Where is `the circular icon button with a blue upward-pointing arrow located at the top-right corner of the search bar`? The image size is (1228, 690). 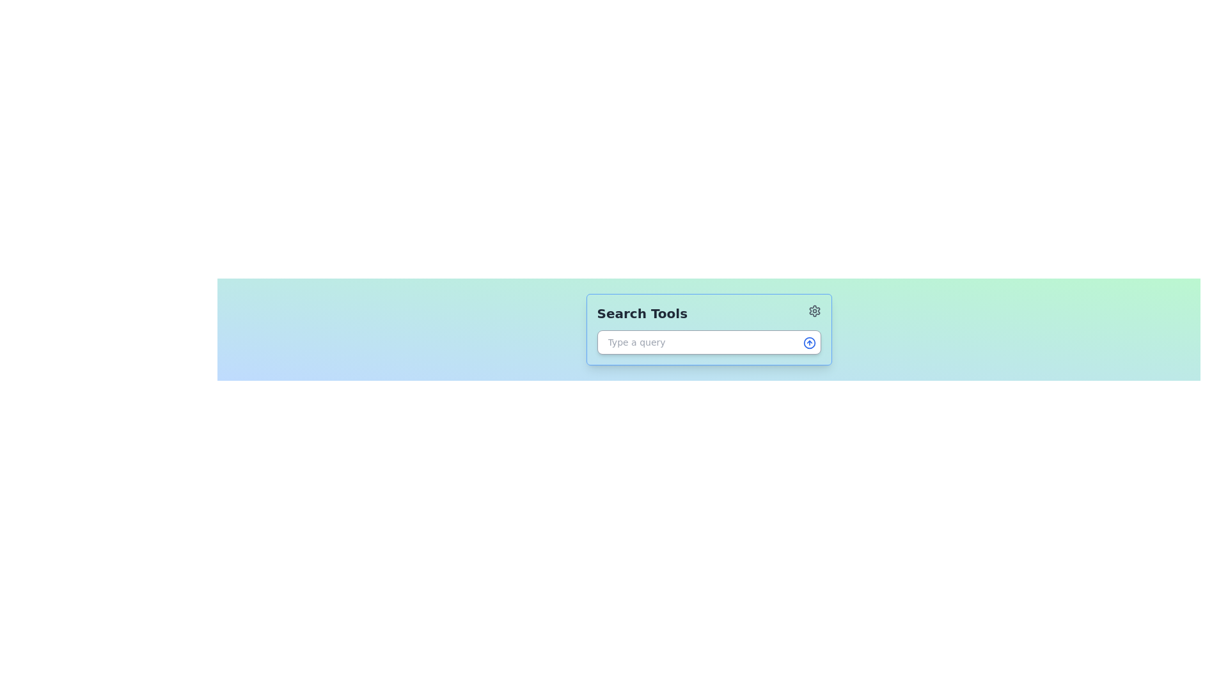 the circular icon button with a blue upward-pointing arrow located at the top-right corner of the search bar is located at coordinates (808, 342).